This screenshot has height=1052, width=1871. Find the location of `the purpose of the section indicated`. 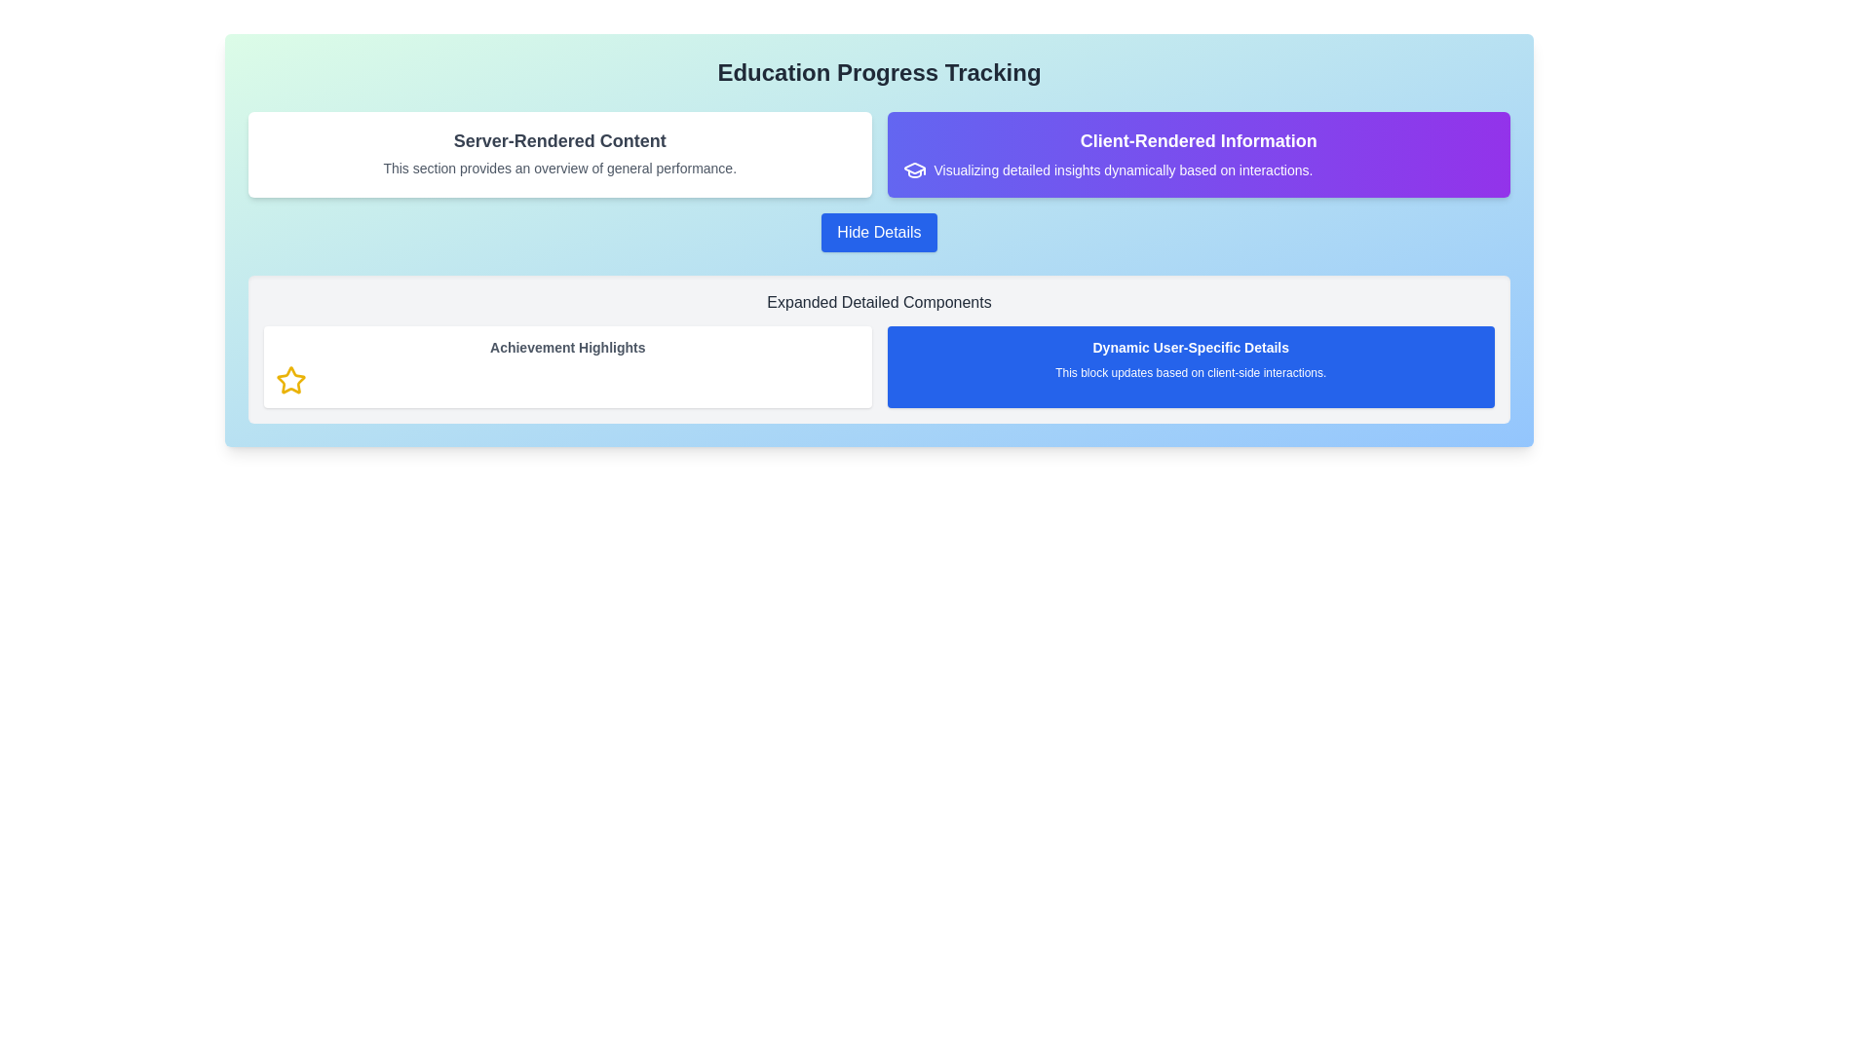

the purpose of the section indicated is located at coordinates (878, 71).